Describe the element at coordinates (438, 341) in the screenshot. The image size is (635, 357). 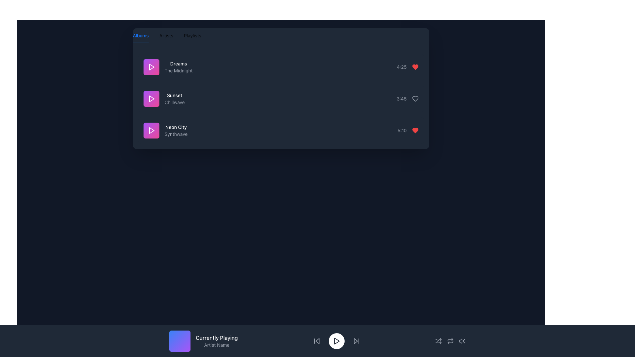
I see `the shuffle mode icon button located in the bottom control bar of the music application` at that location.